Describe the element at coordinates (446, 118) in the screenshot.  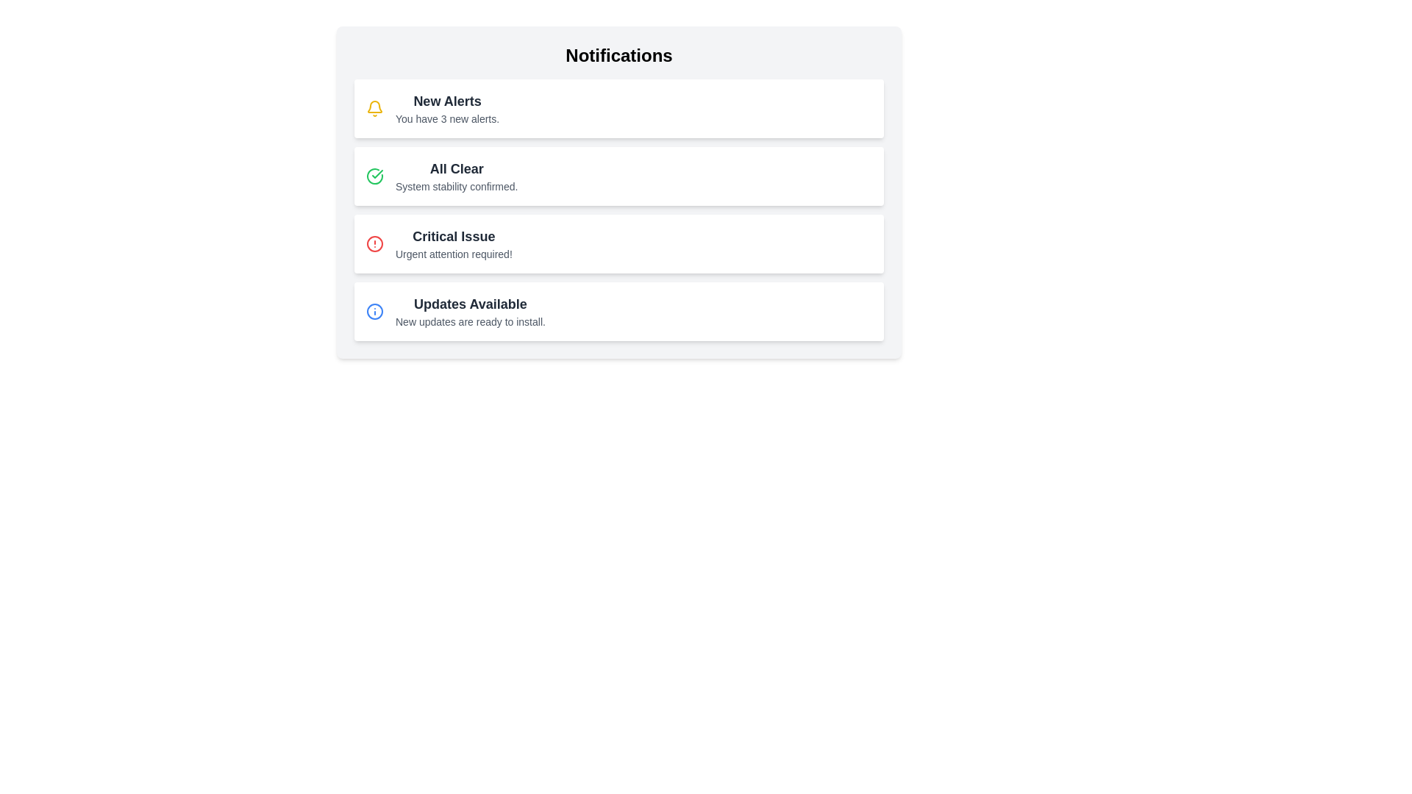
I see `the text label displaying 'You have 3 new alerts.' located beneath the 'New Alerts' heading within the first notification card` at that location.